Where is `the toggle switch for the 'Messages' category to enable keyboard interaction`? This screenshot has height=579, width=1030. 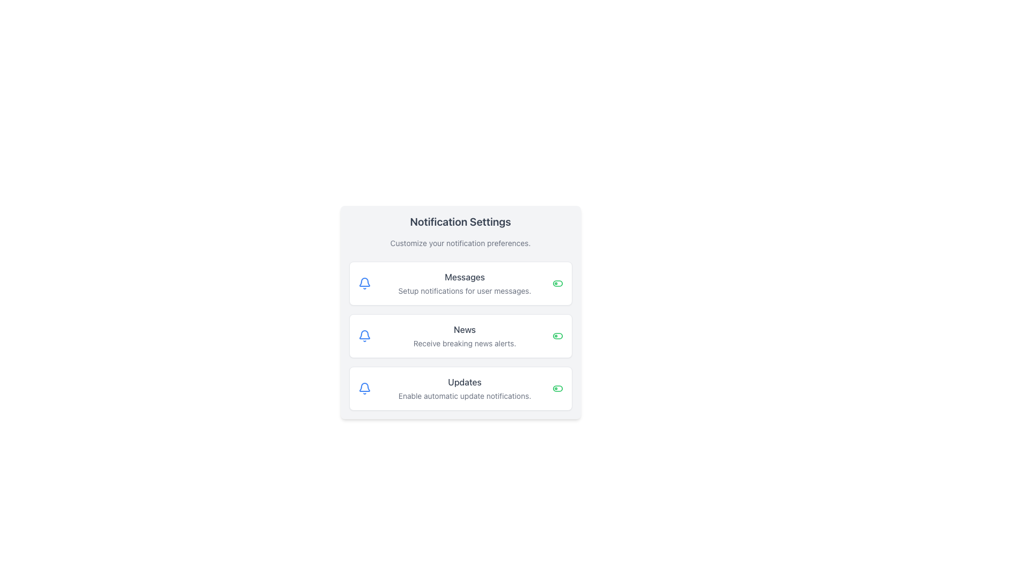 the toggle switch for the 'Messages' category to enable keyboard interaction is located at coordinates (557, 283).